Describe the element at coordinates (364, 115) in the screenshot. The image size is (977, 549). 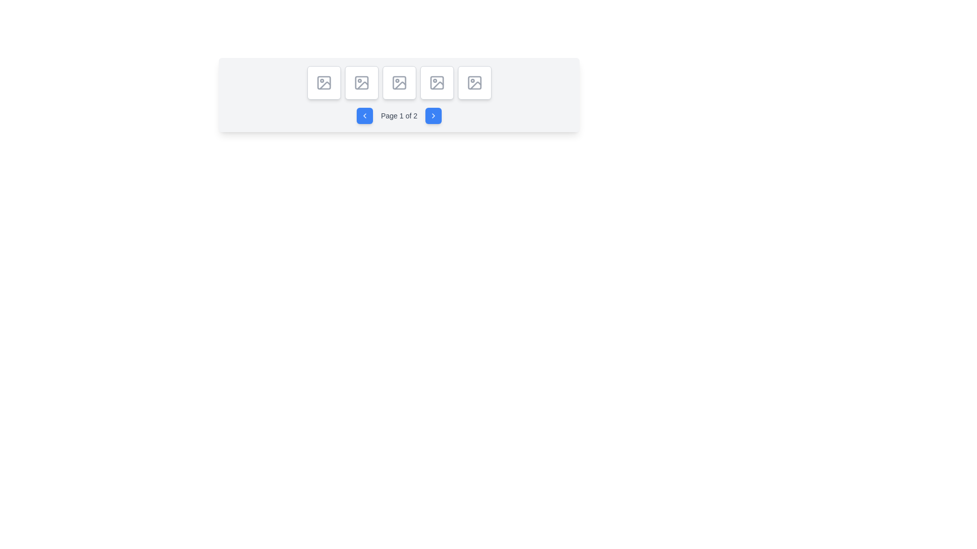
I see `the blue circular button with a white left-facing chevron icon` at that location.